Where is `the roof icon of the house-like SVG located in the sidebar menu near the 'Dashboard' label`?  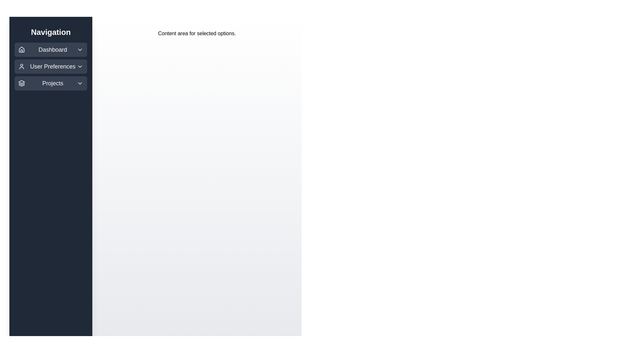
the roof icon of the house-like SVG located in the sidebar menu near the 'Dashboard' label is located at coordinates (22, 49).